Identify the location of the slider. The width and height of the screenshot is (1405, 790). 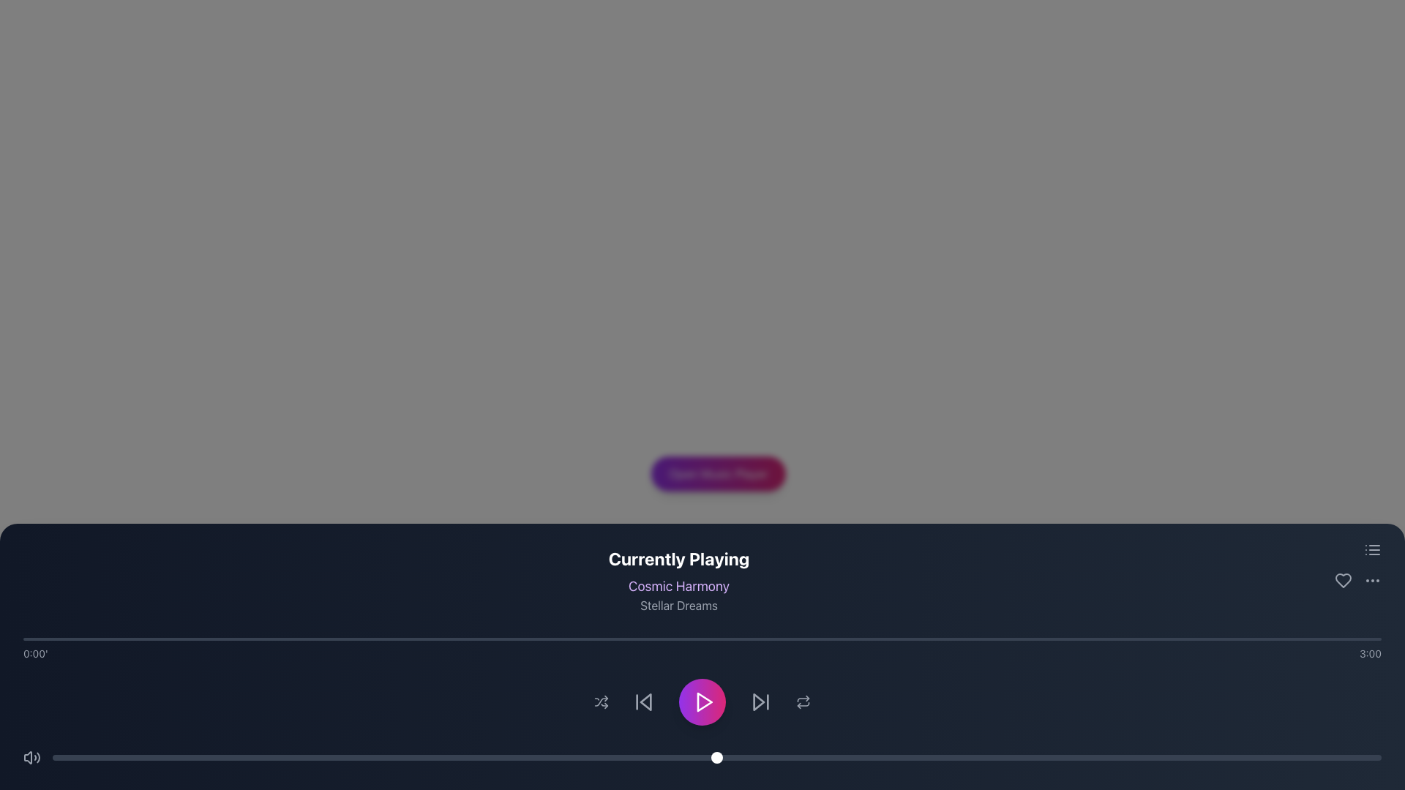
(504, 757).